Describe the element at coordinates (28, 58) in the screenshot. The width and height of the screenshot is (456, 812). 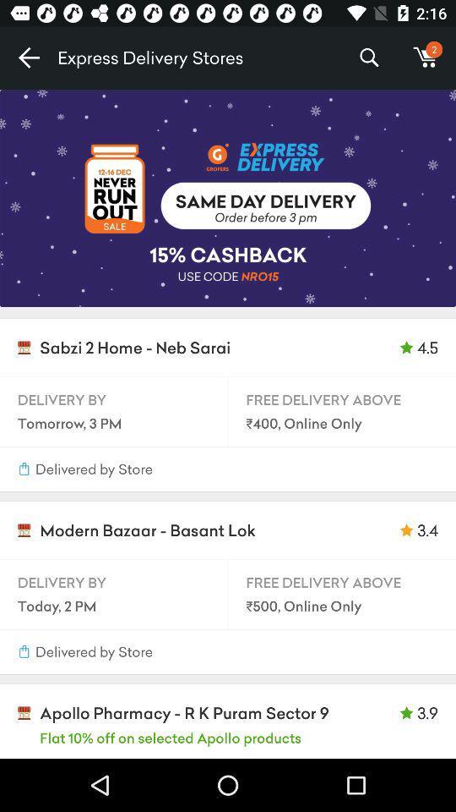
I see `icon to the left of the express delivery stores` at that location.